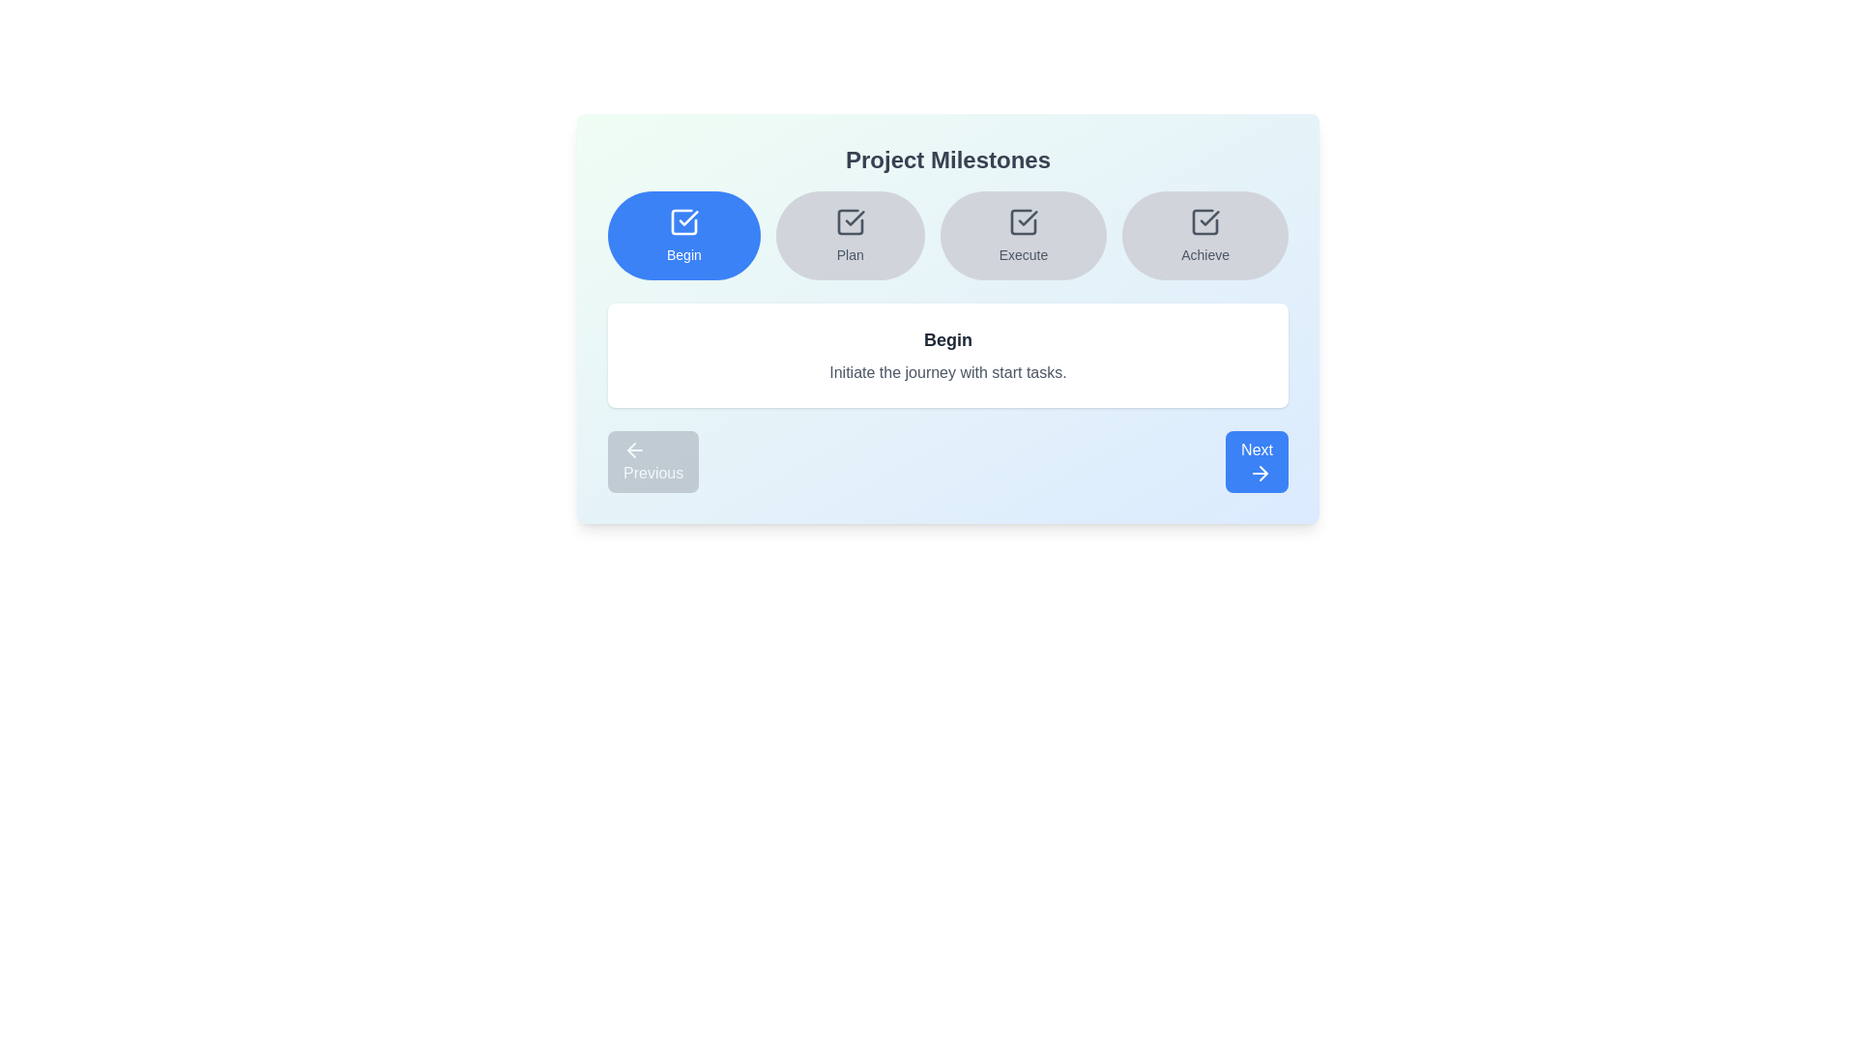 This screenshot has width=1856, height=1044. Describe the element at coordinates (947, 372) in the screenshot. I see `the text label displaying 'Initiate the journey with start tasks.' which is styled in gray and positioned below the title 'Begin.'` at that location.